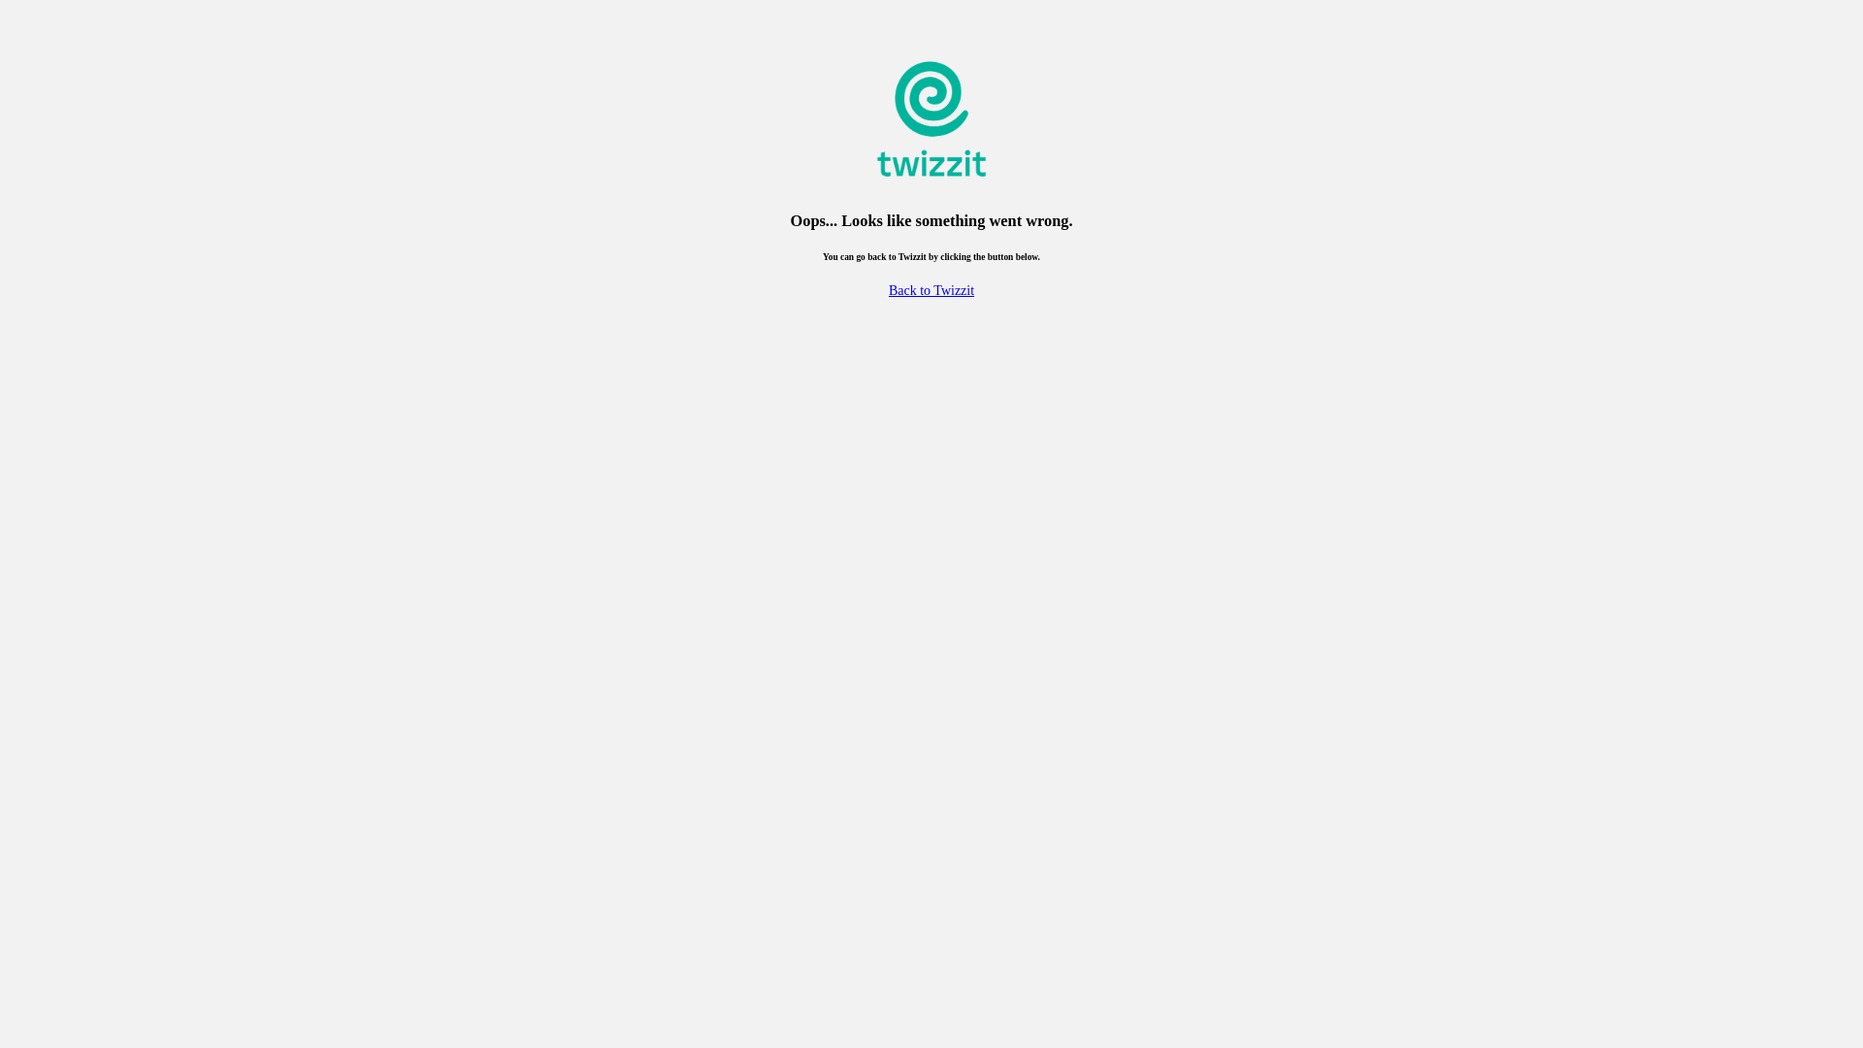  Describe the element at coordinates (931, 290) in the screenshot. I see `'Back to Twizzit'` at that location.